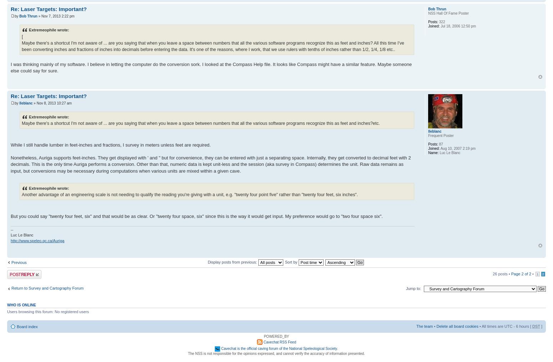  I want to click on '1', so click(536, 273).